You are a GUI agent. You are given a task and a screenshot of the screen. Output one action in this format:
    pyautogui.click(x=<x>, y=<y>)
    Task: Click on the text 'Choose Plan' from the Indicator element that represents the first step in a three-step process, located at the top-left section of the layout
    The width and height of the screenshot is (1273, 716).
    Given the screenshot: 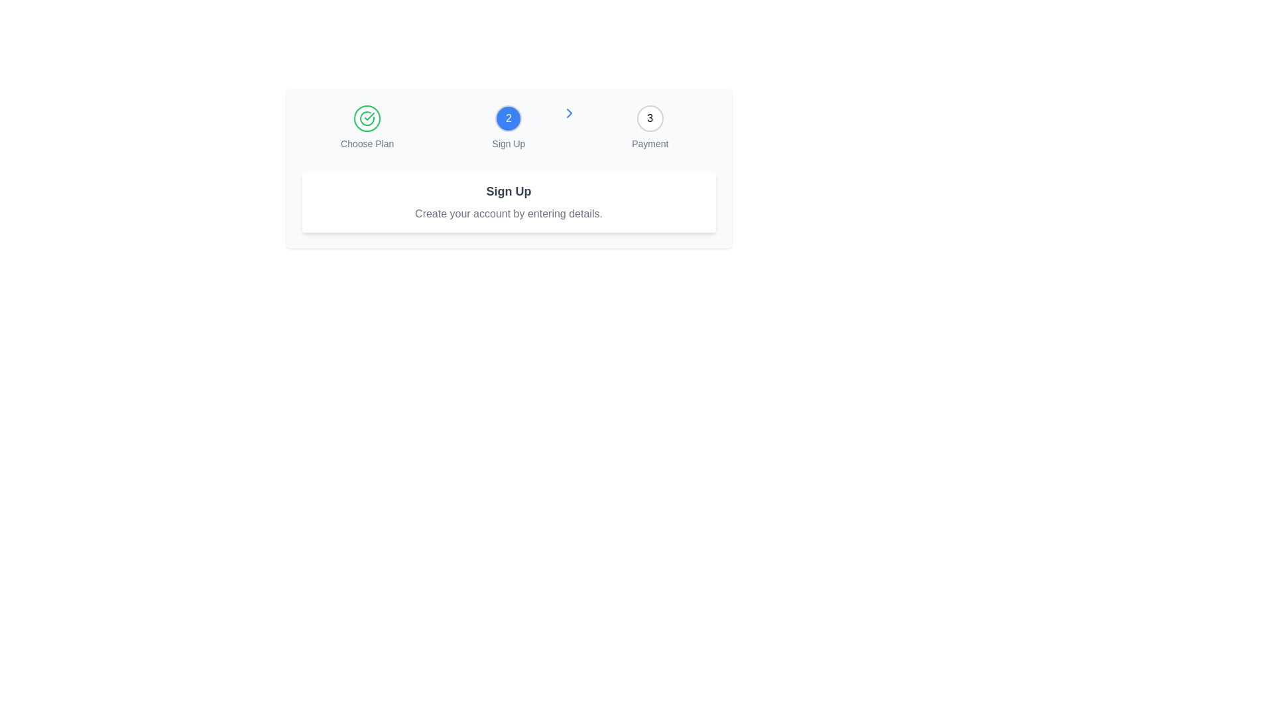 What is the action you would take?
    pyautogui.click(x=367, y=127)
    